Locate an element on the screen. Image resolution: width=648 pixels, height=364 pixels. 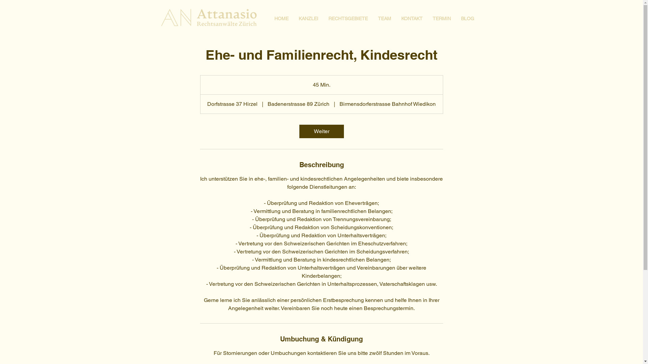
'TERMIN' is located at coordinates (441, 18).